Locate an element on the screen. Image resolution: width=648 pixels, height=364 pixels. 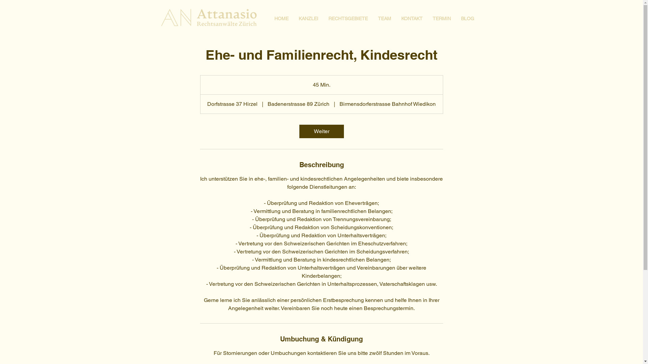
'TERMIN' is located at coordinates (441, 18).